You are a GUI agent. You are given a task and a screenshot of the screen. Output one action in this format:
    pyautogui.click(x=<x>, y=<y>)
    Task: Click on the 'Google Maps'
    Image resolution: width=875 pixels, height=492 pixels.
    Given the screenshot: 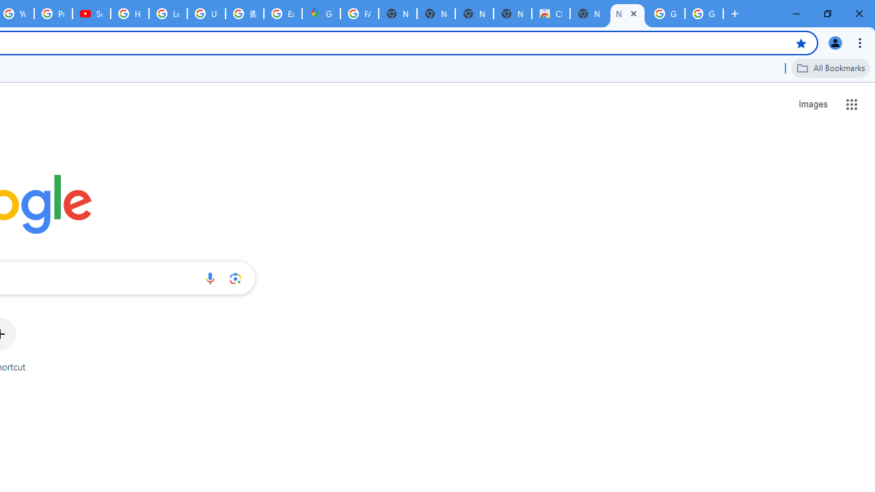 What is the action you would take?
    pyautogui.click(x=320, y=14)
    